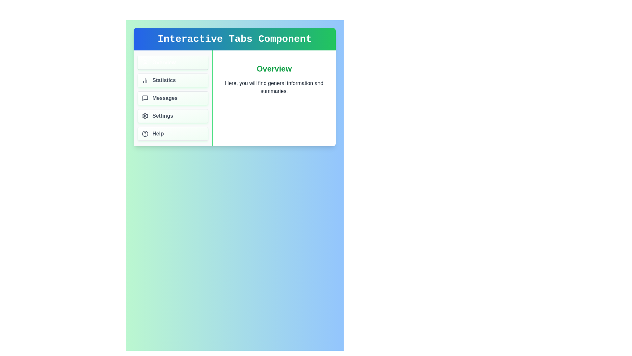 This screenshot has height=356, width=632. Describe the element at coordinates (173, 115) in the screenshot. I see `the tab labeled Settings` at that location.